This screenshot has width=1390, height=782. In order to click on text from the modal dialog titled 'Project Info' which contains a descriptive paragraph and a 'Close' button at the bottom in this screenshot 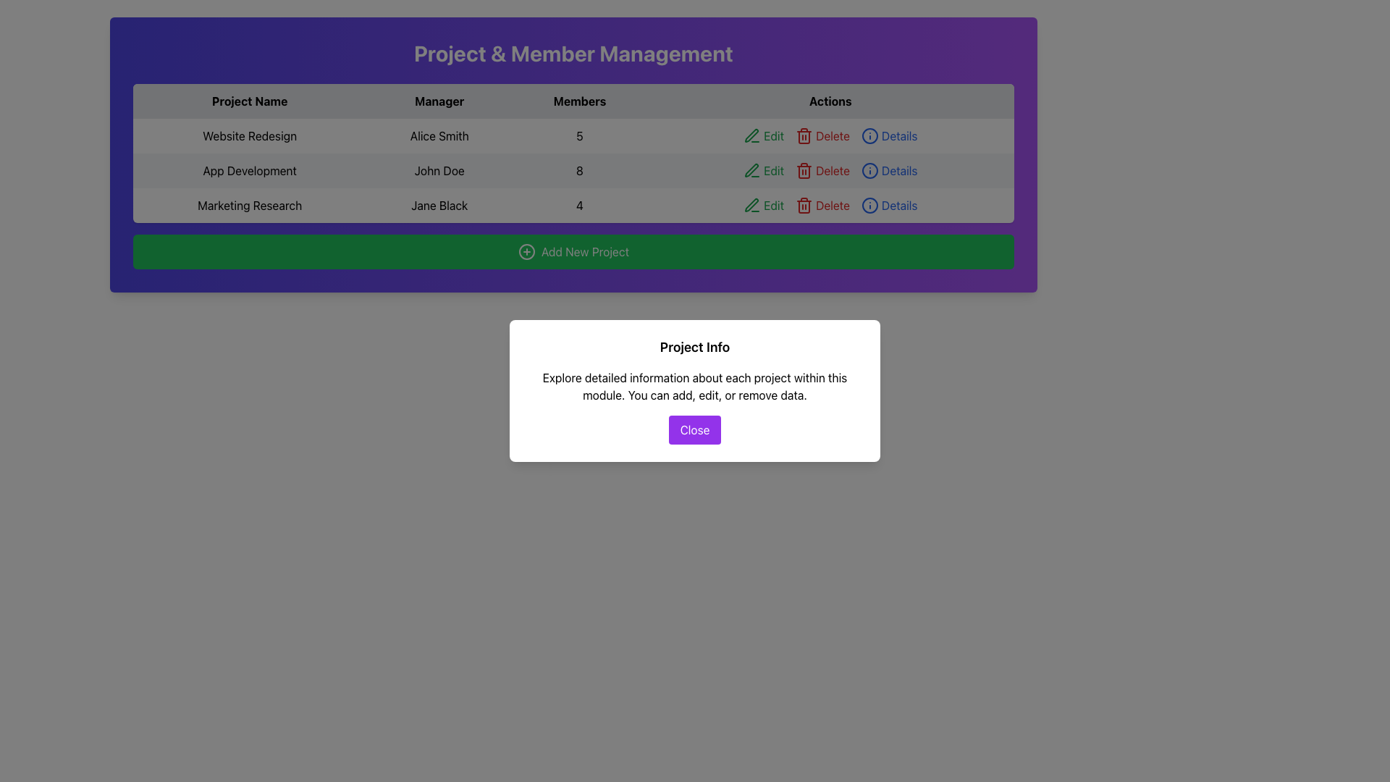, I will do `click(695, 391)`.